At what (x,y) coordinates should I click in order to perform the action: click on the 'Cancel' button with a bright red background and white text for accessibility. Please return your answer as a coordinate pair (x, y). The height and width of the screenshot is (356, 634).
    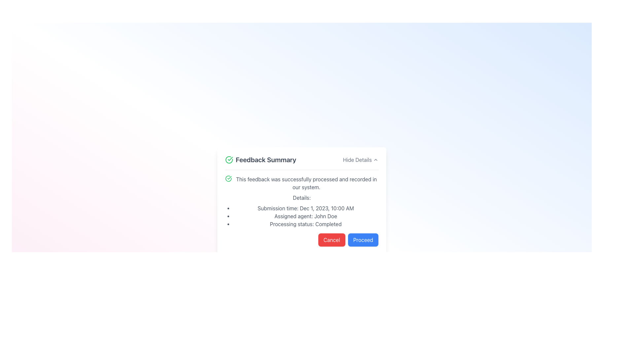
    Looking at the image, I should click on (332, 240).